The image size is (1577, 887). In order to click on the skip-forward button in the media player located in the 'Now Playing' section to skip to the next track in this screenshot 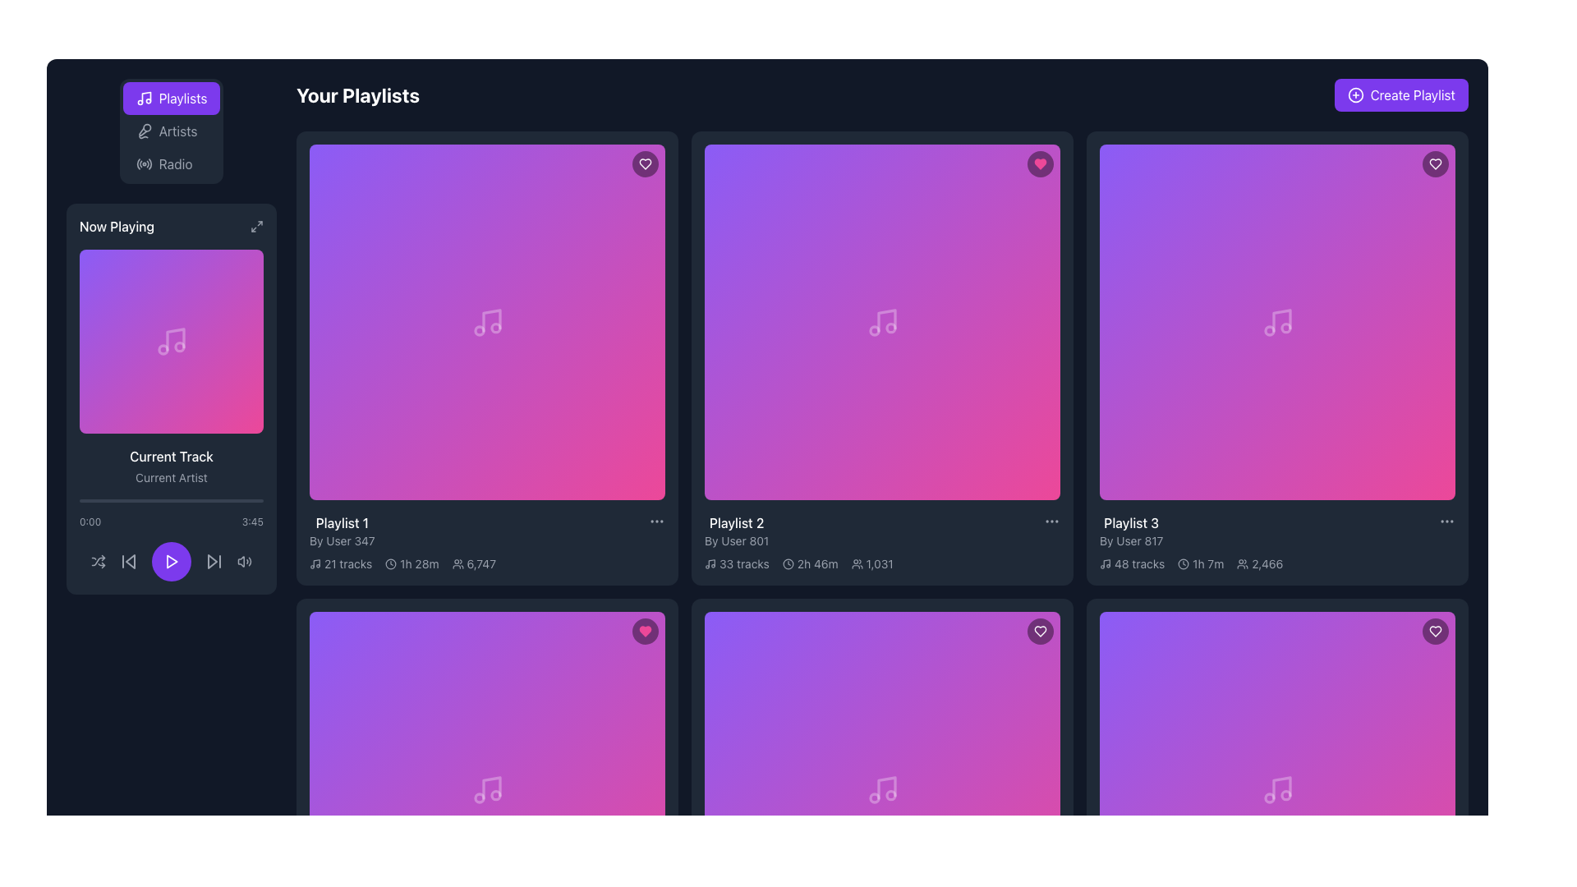, I will do `click(212, 560)`.